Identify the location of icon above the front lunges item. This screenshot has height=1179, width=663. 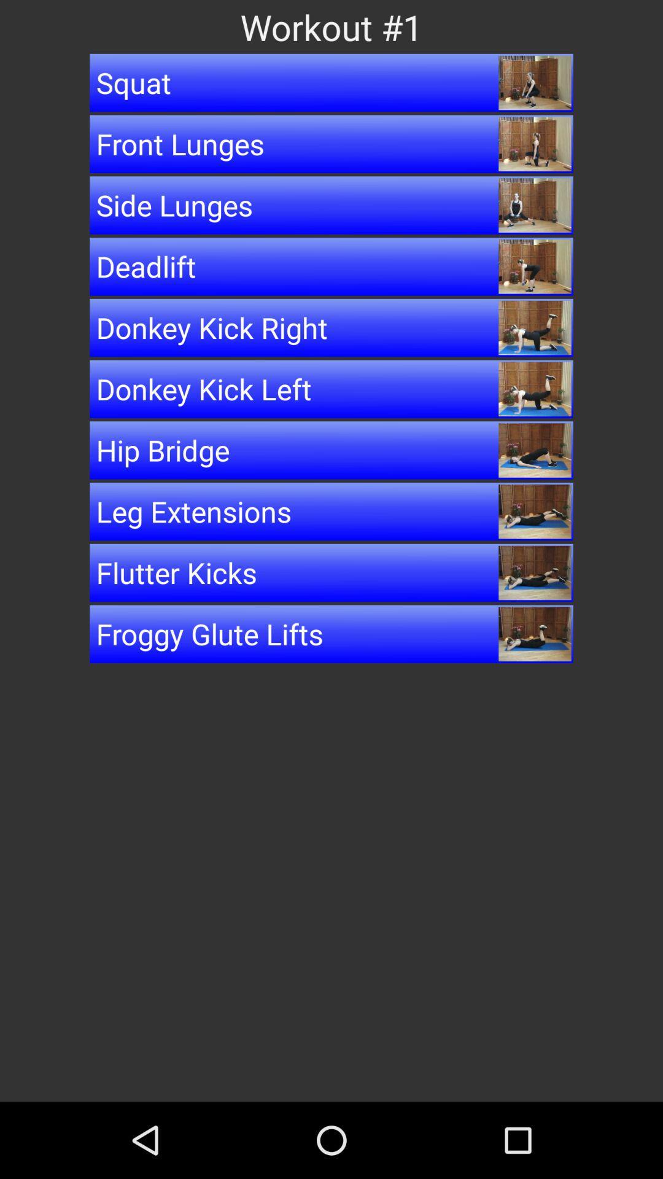
(331, 82).